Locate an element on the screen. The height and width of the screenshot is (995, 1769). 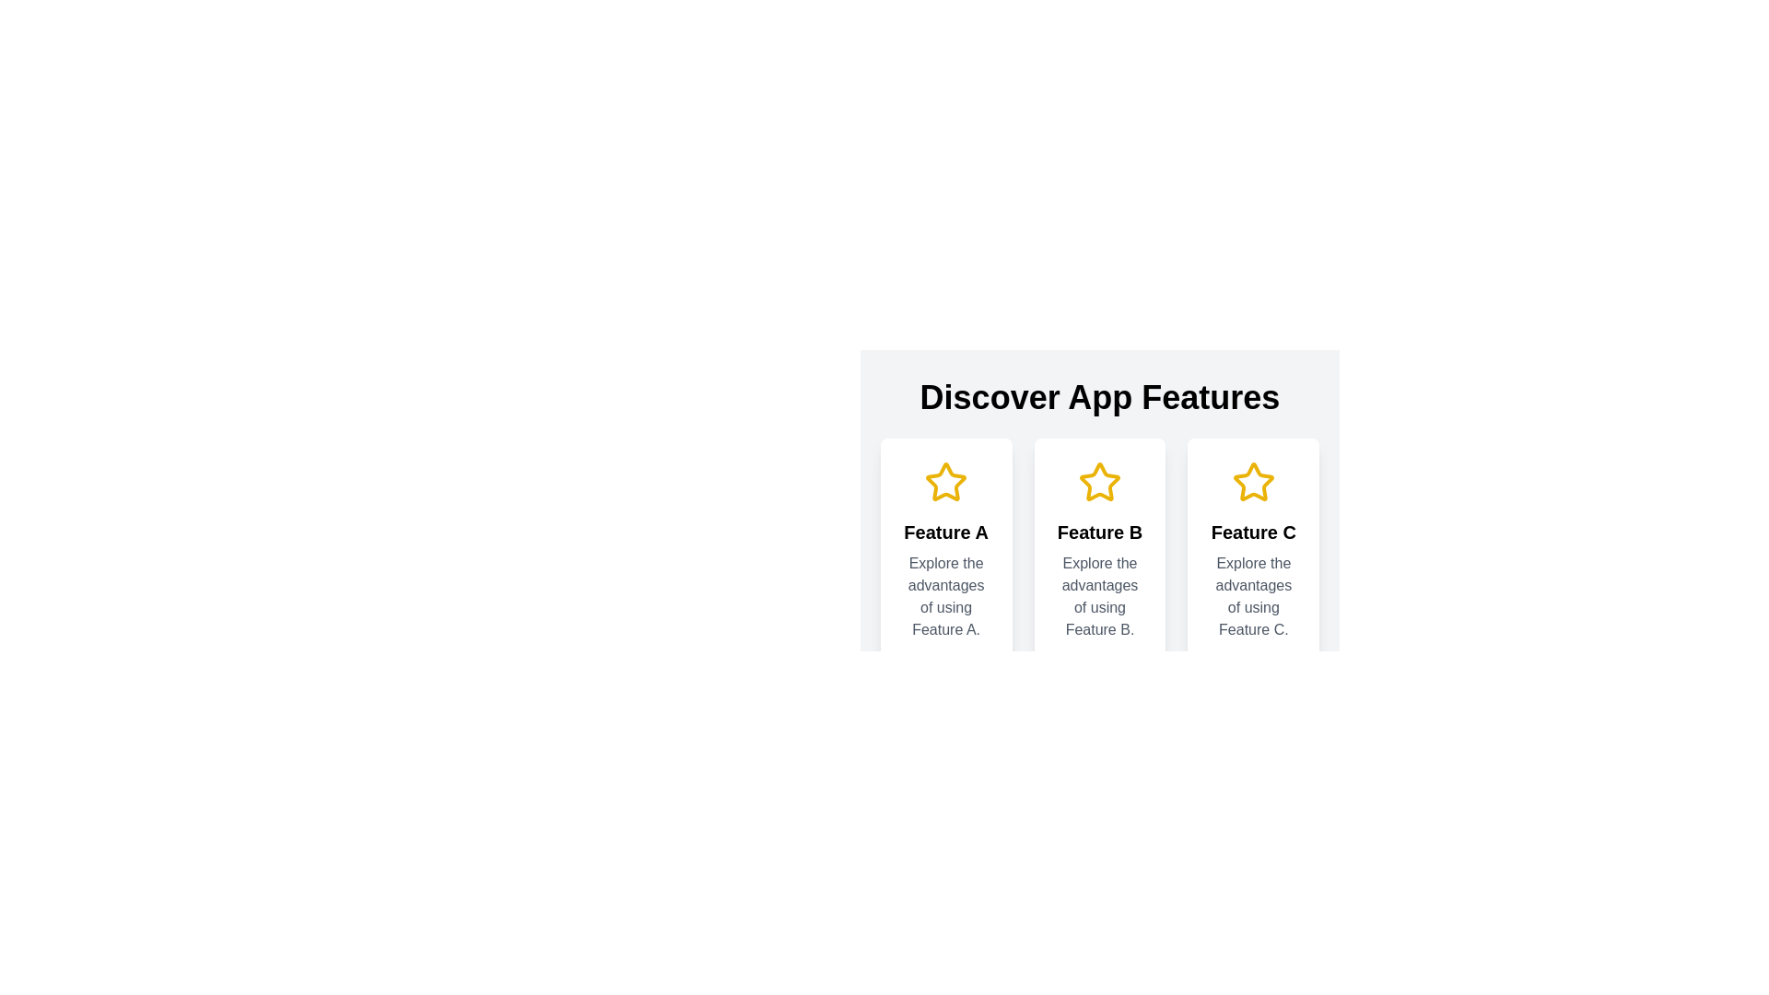
the text header that acts as a title for 'Feature B' is located at coordinates (1100, 533).